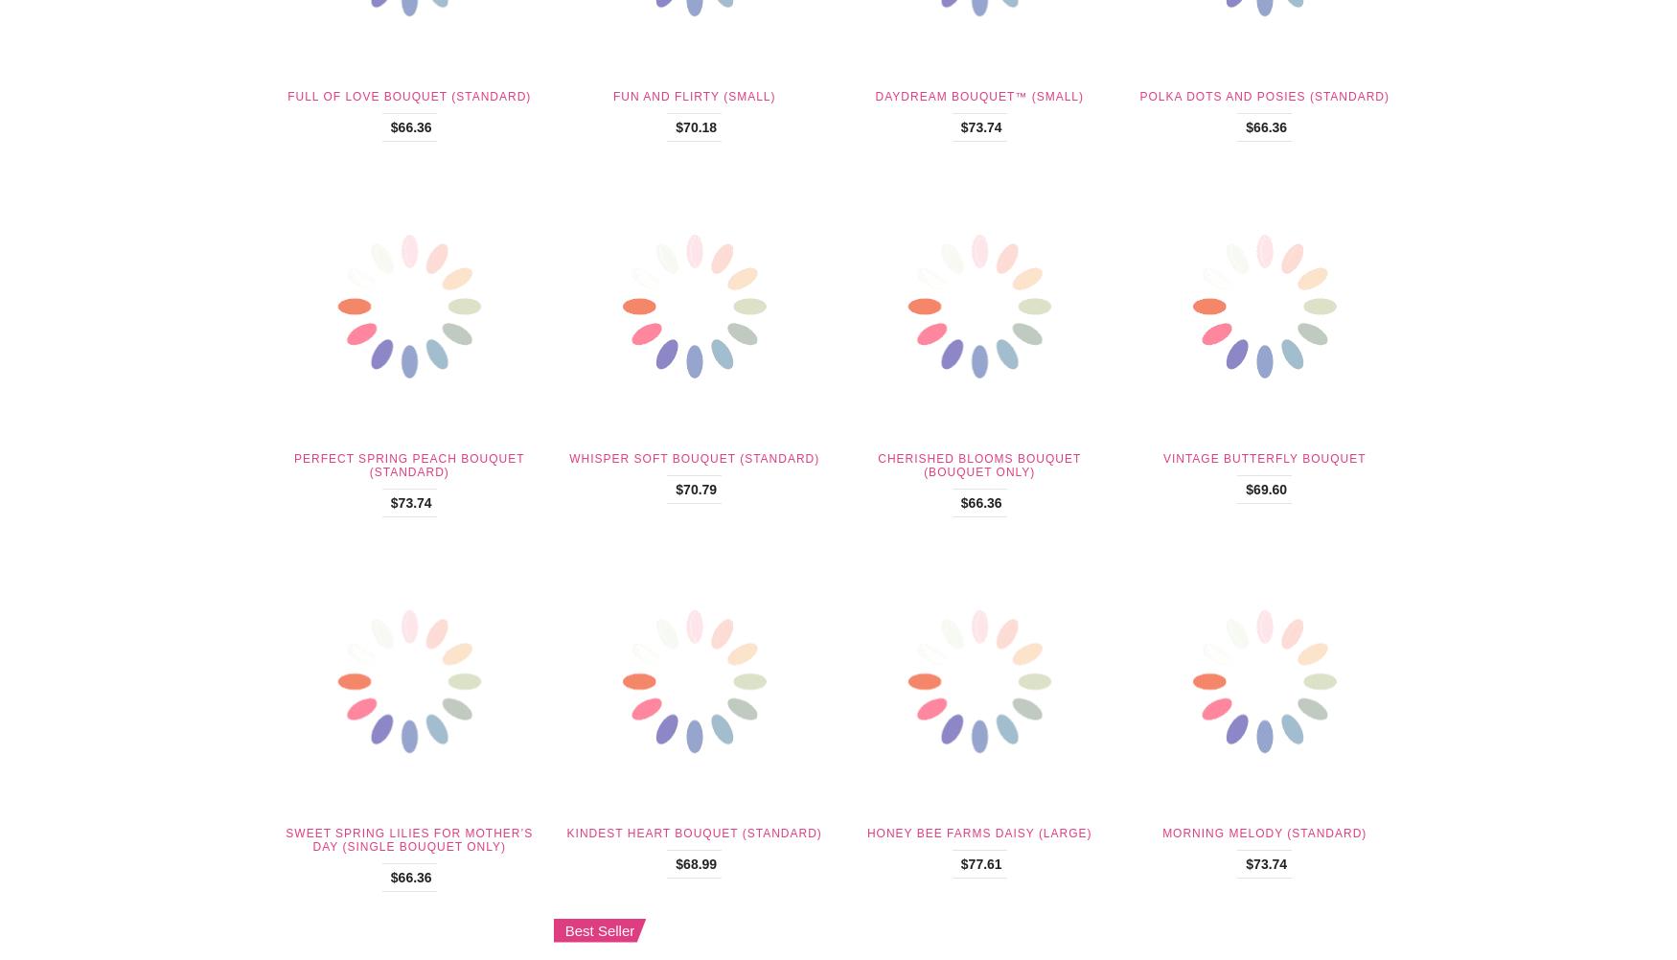 The width and height of the screenshot is (1677, 960). I want to click on 'Best Seller', so click(599, 928).